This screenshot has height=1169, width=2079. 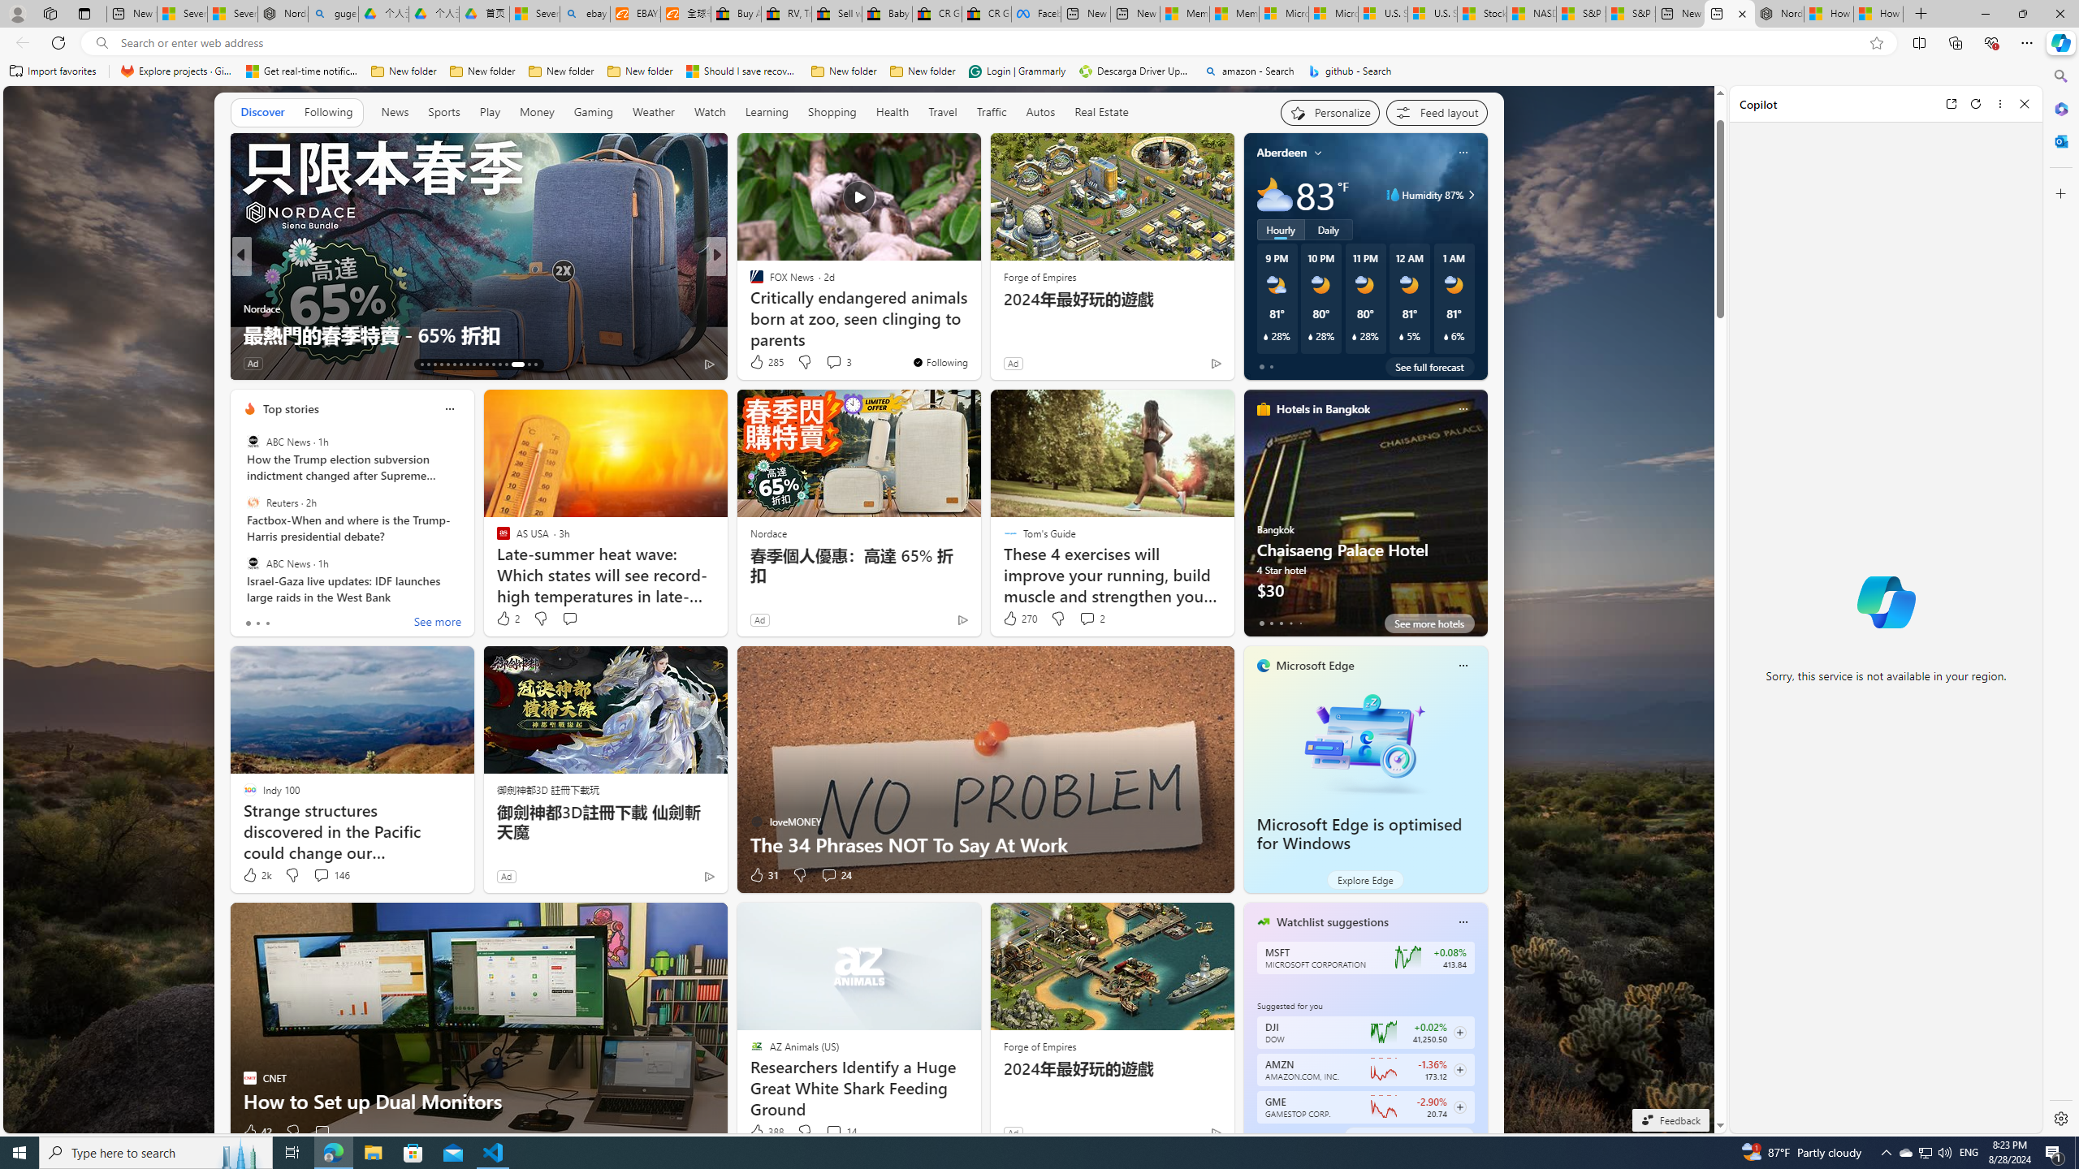 What do you see at coordinates (758, 363) in the screenshot?
I see `'22 Like'` at bounding box center [758, 363].